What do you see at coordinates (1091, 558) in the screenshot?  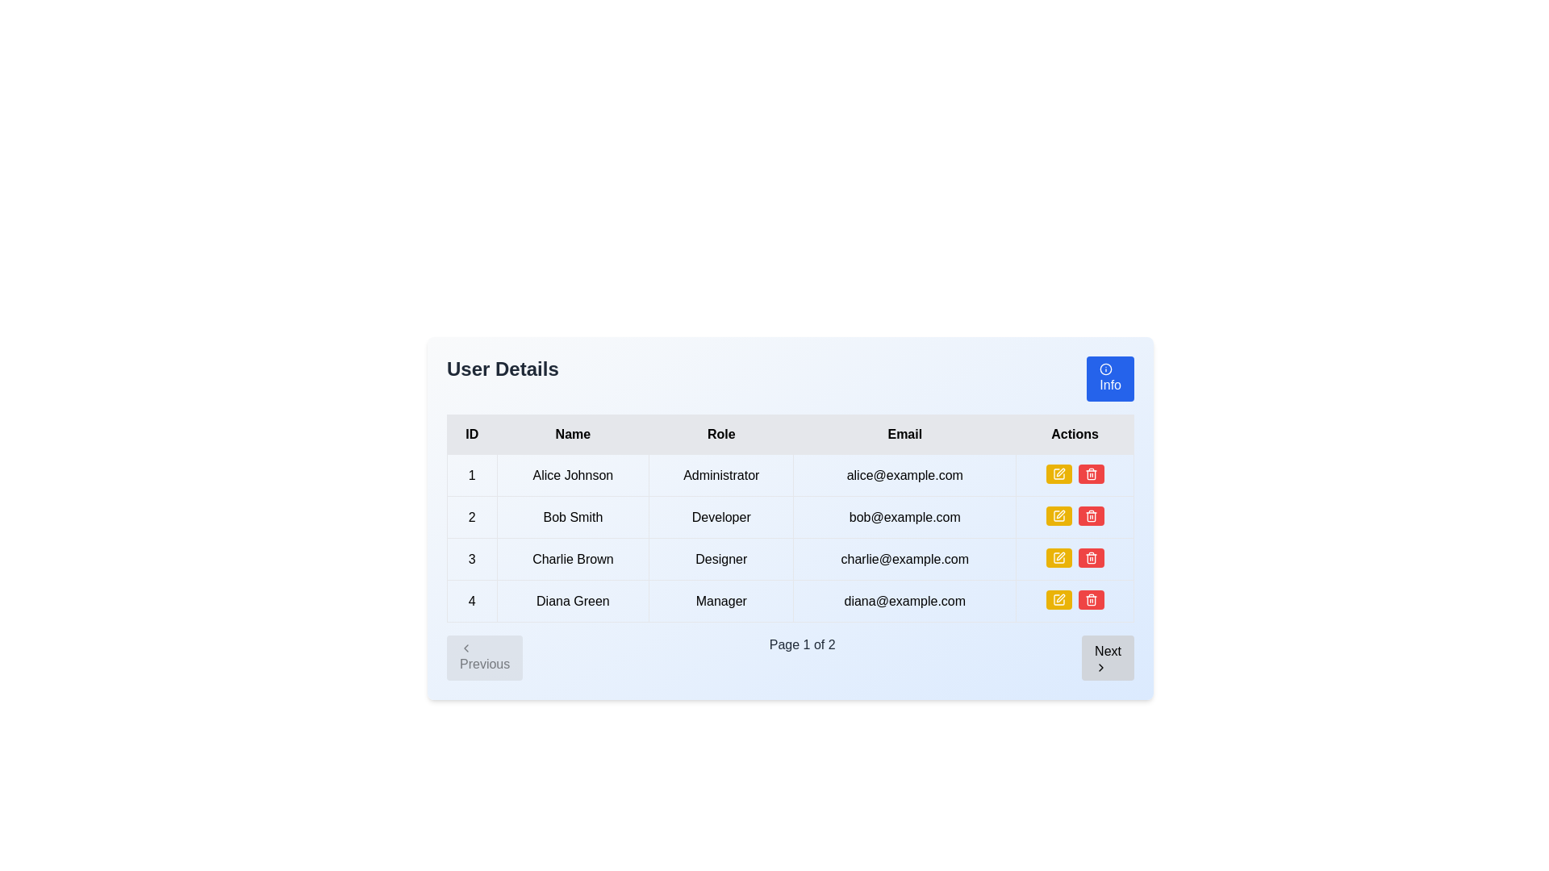 I see `the trash icon in the Actions column of the second row of the table` at bounding box center [1091, 558].